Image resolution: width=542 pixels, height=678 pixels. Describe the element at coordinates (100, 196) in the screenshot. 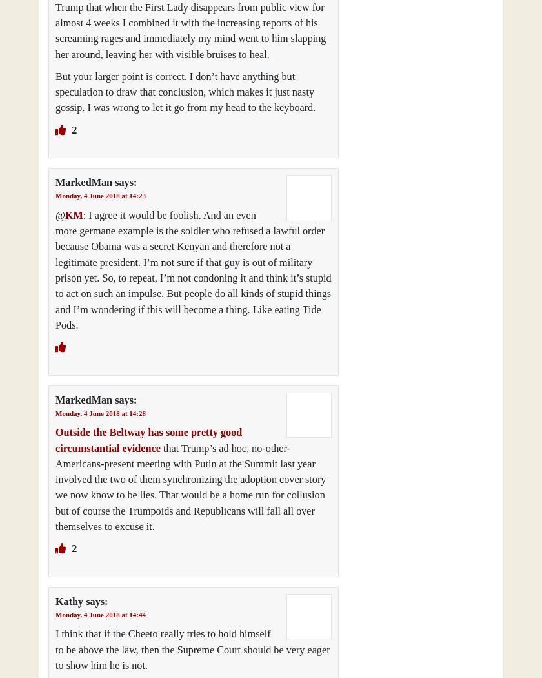

I see `'Monday, 4 June 2018 at 14:23'` at that location.